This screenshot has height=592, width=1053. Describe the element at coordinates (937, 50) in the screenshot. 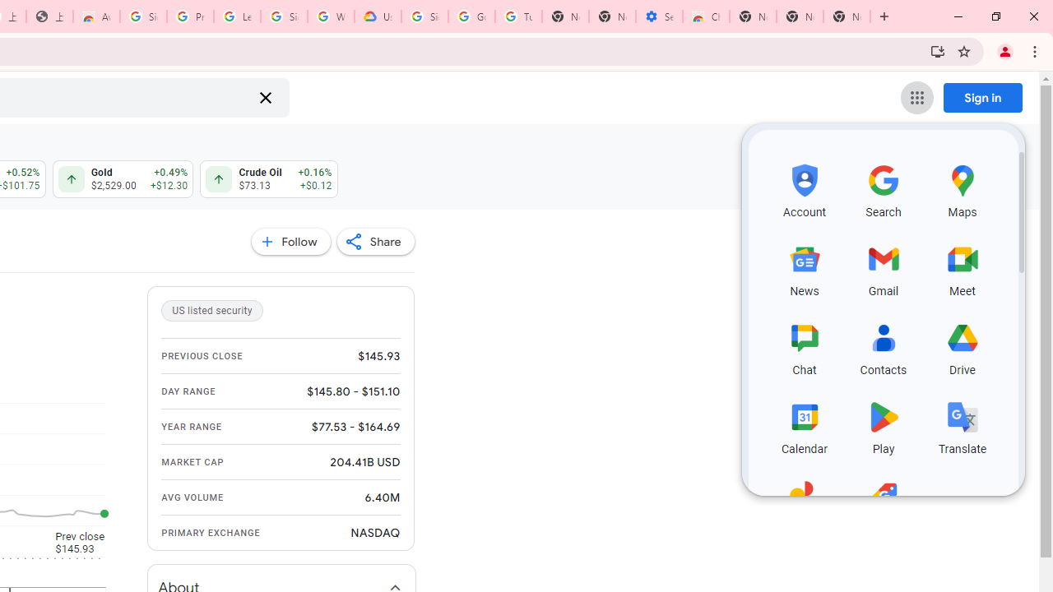

I see `'Install Google Finance'` at that location.